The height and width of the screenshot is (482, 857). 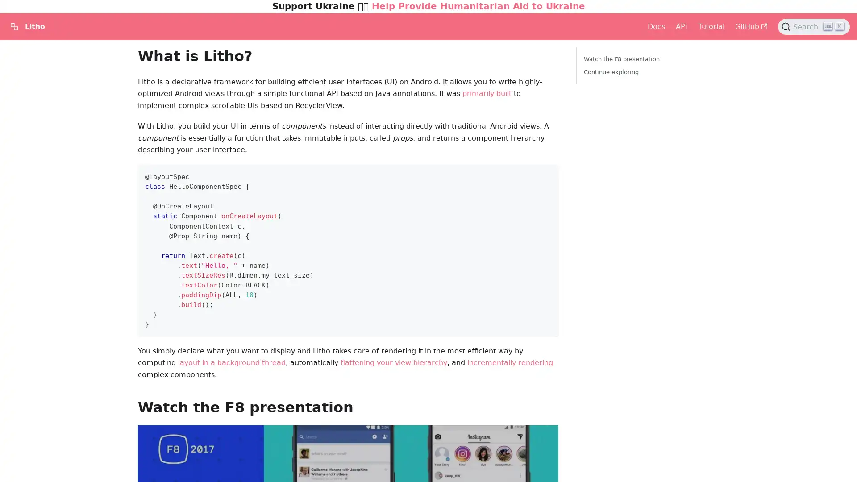 What do you see at coordinates (543, 174) in the screenshot?
I see `Copy code to clipboard` at bounding box center [543, 174].